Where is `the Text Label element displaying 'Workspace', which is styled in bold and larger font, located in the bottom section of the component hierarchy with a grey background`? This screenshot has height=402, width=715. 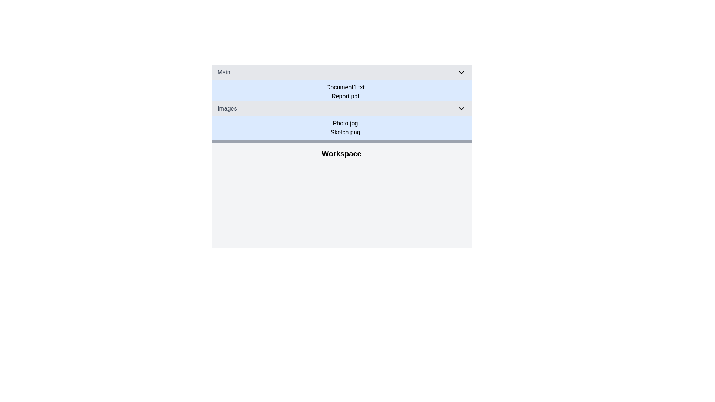
the Text Label element displaying 'Workspace', which is styled in bold and larger font, located in the bottom section of the component hierarchy with a grey background is located at coordinates (341, 151).